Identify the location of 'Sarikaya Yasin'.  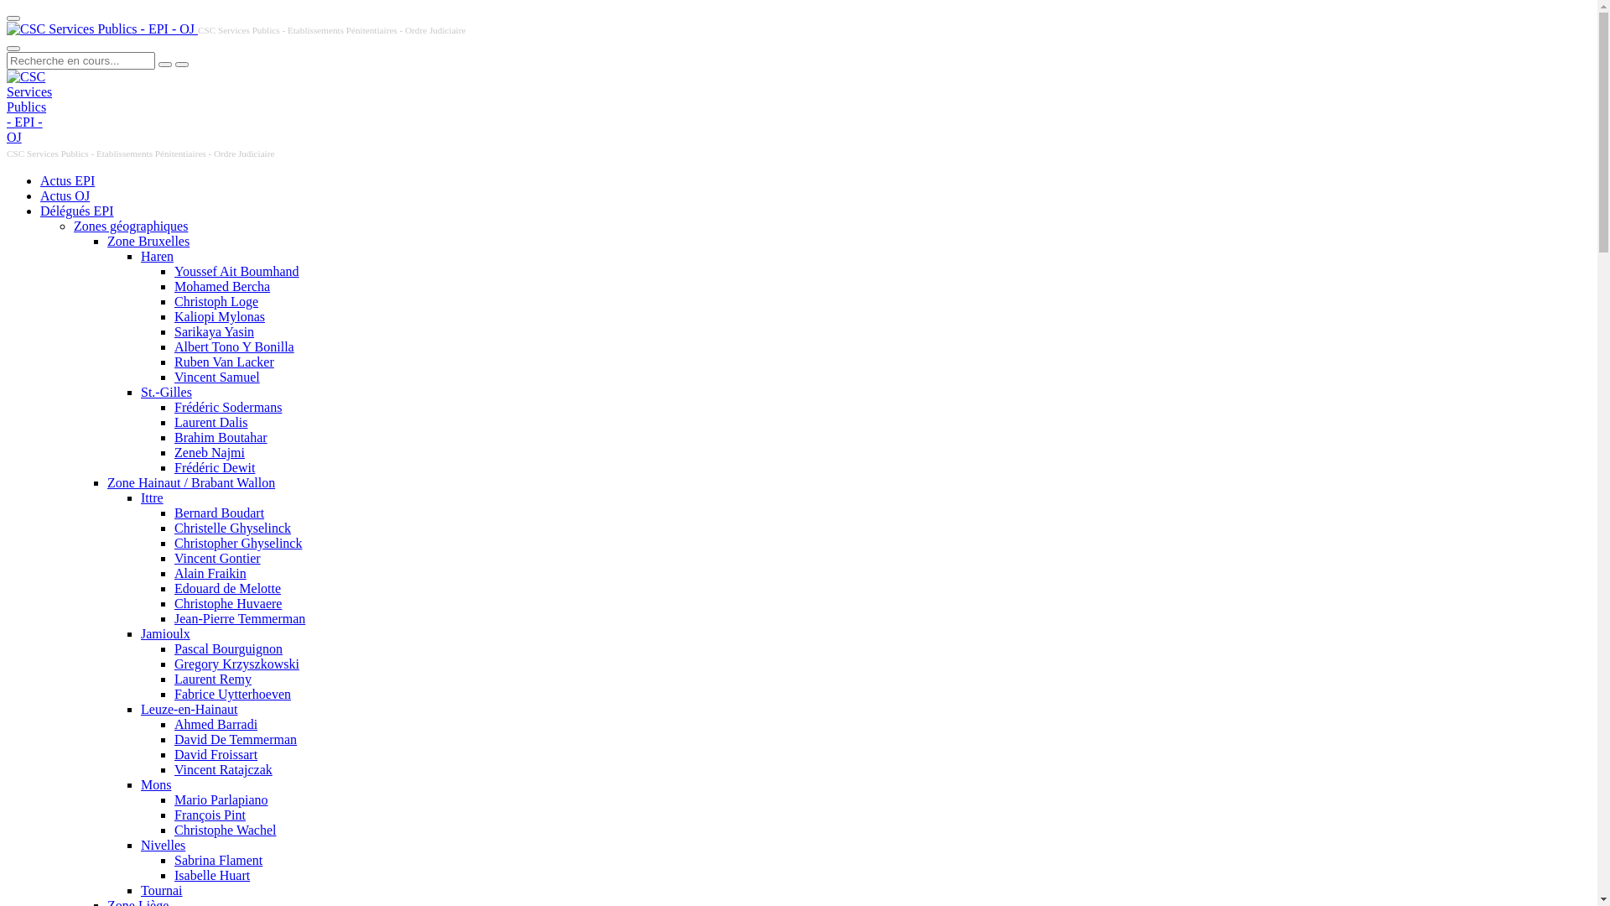
(213, 331).